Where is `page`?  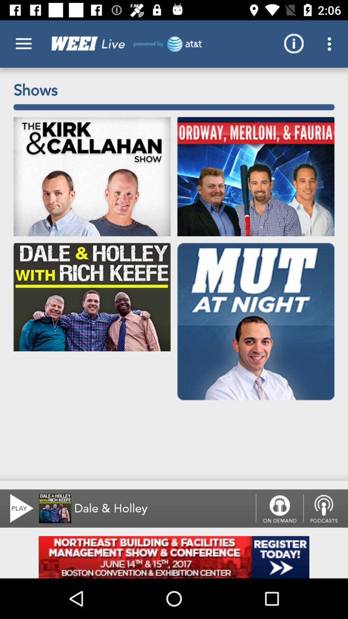 page is located at coordinates (174, 557).